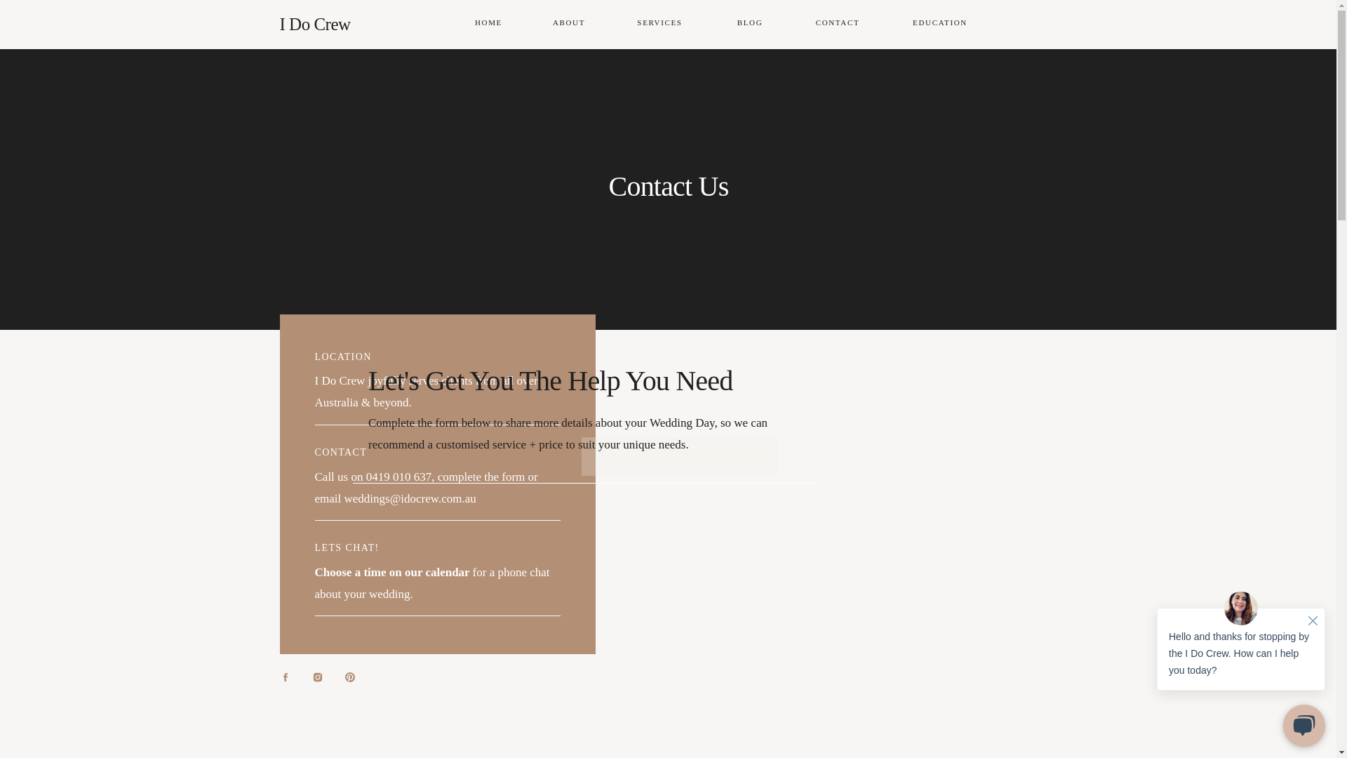 This screenshot has width=1347, height=758. I want to click on 'ABOUT', so click(569, 24).